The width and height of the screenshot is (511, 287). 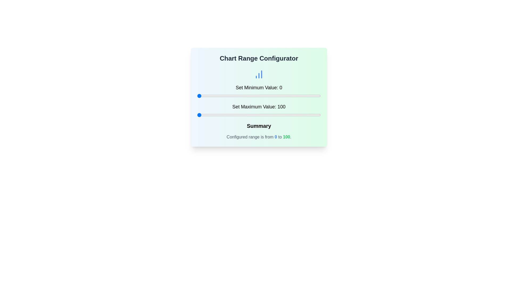 What do you see at coordinates (313, 115) in the screenshot?
I see `the maximum value slider to set the value to 194` at bounding box center [313, 115].